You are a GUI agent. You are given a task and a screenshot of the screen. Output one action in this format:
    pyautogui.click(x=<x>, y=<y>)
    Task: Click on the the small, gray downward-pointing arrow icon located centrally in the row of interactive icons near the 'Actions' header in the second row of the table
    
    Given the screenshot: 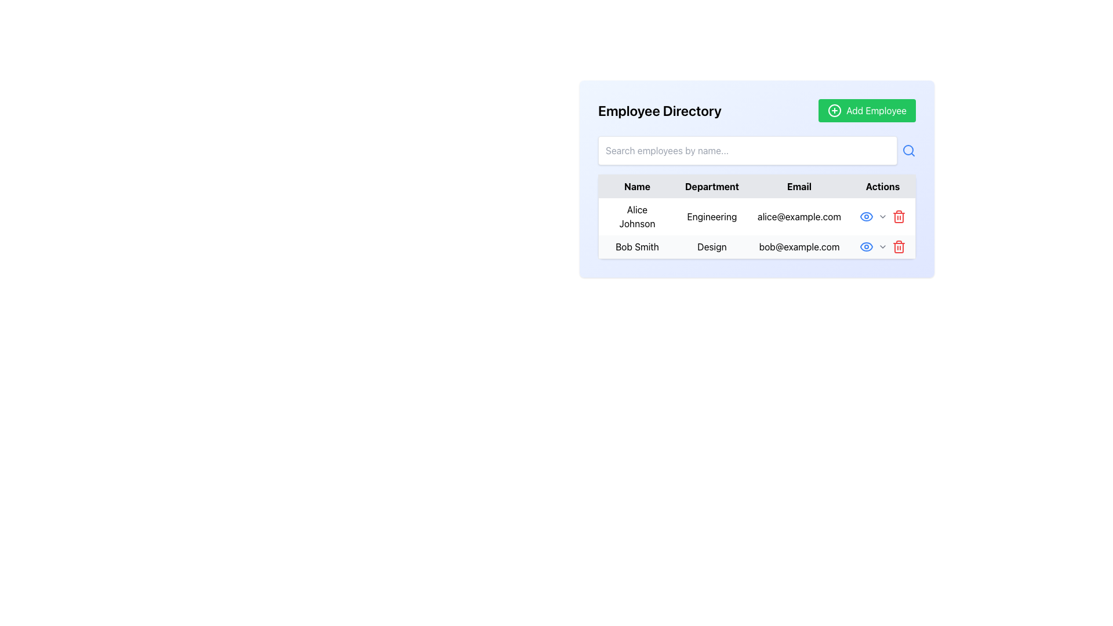 What is the action you would take?
    pyautogui.click(x=882, y=217)
    